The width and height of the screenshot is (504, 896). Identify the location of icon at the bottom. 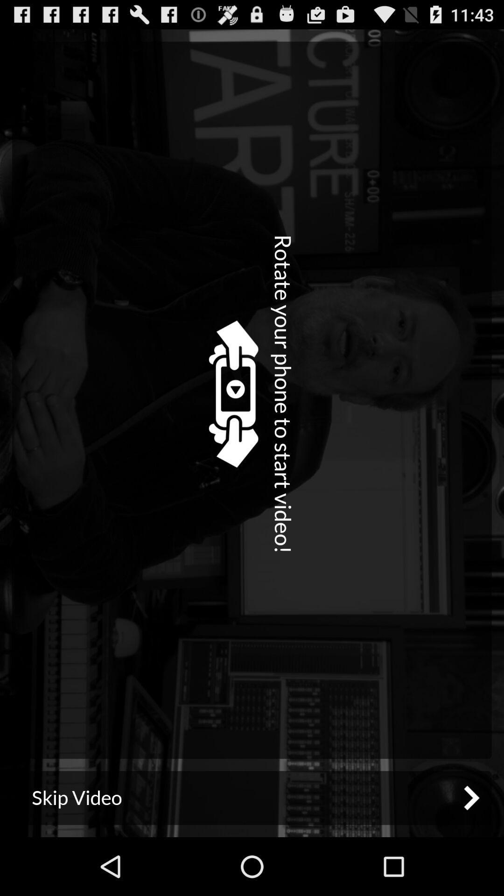
(252, 797).